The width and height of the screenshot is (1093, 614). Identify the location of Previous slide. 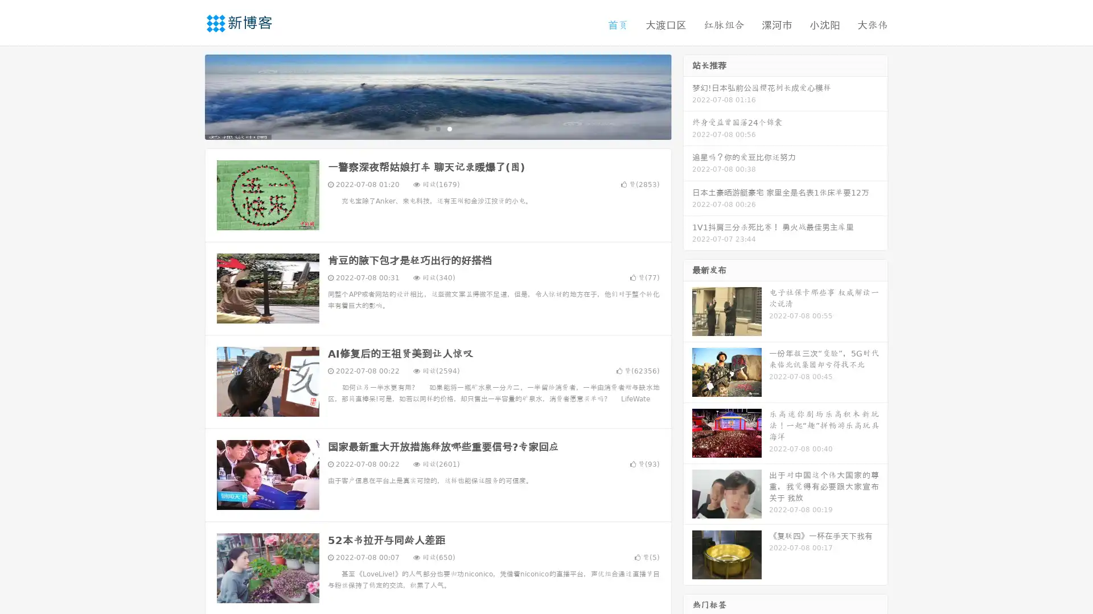
(188, 96).